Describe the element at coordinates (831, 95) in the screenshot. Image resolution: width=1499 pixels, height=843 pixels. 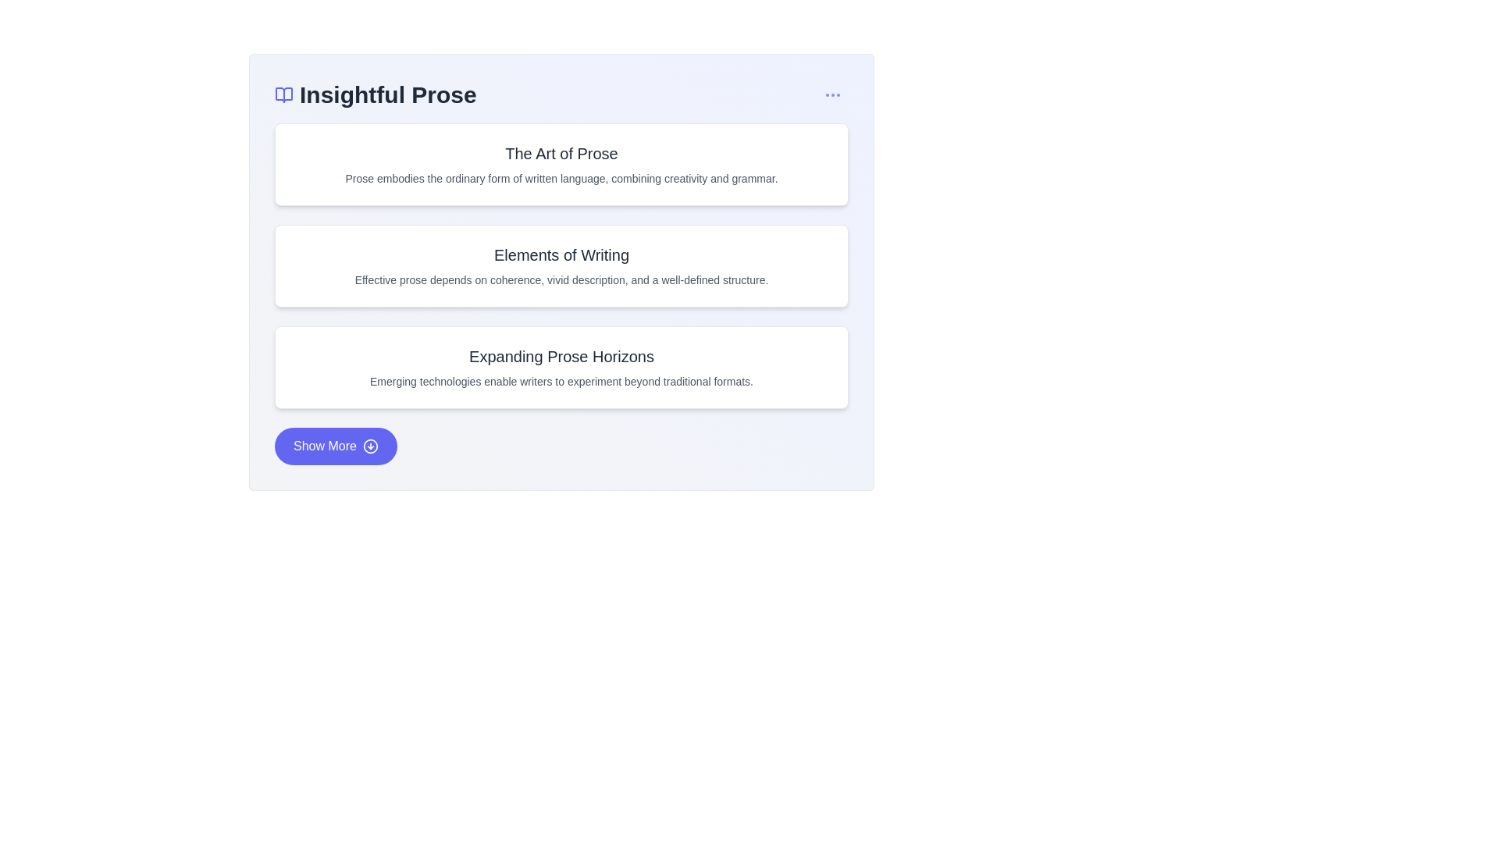
I see `the options menu icon, which is represented by three dark indigo dots in a horizontal arrangement, located at the top-right corner of the 'Insightful Prose' card` at that location.